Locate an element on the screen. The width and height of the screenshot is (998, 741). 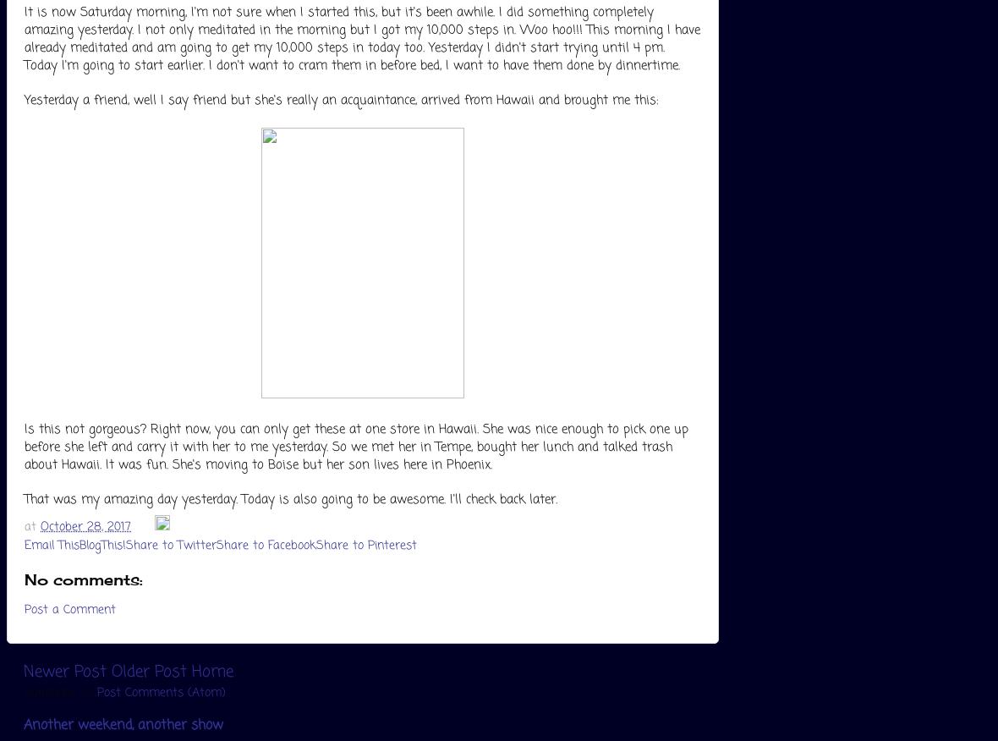
'Older Post' is located at coordinates (111, 671).